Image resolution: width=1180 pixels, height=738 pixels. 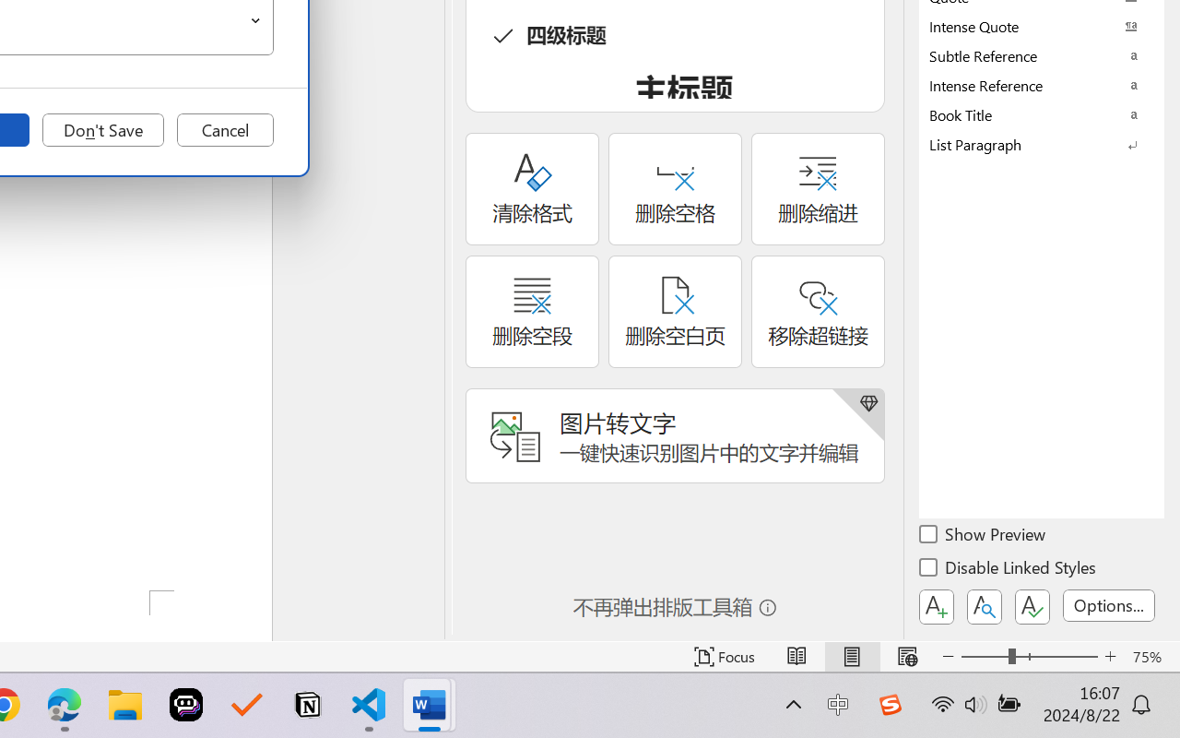 I want to click on 'Read Mode', so click(x=796, y=656).